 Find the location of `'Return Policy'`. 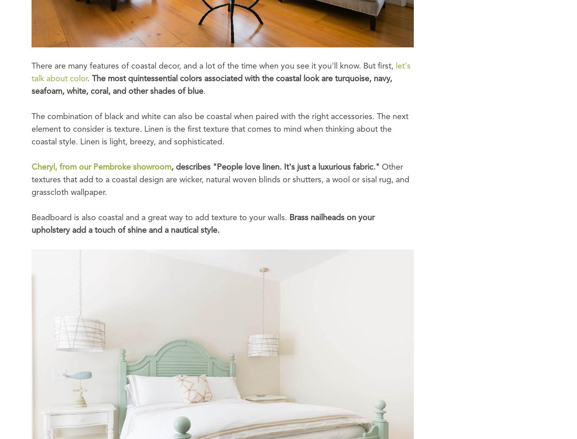

'Return Policy' is located at coordinates (185, 156).